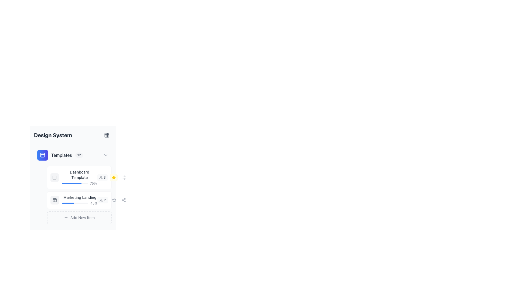  Describe the element at coordinates (105, 178) in the screenshot. I see `the Text Label displaying the number '3' in light gray color, located at the rightmost side of a horizontally aligned group of elements in the second row` at that location.